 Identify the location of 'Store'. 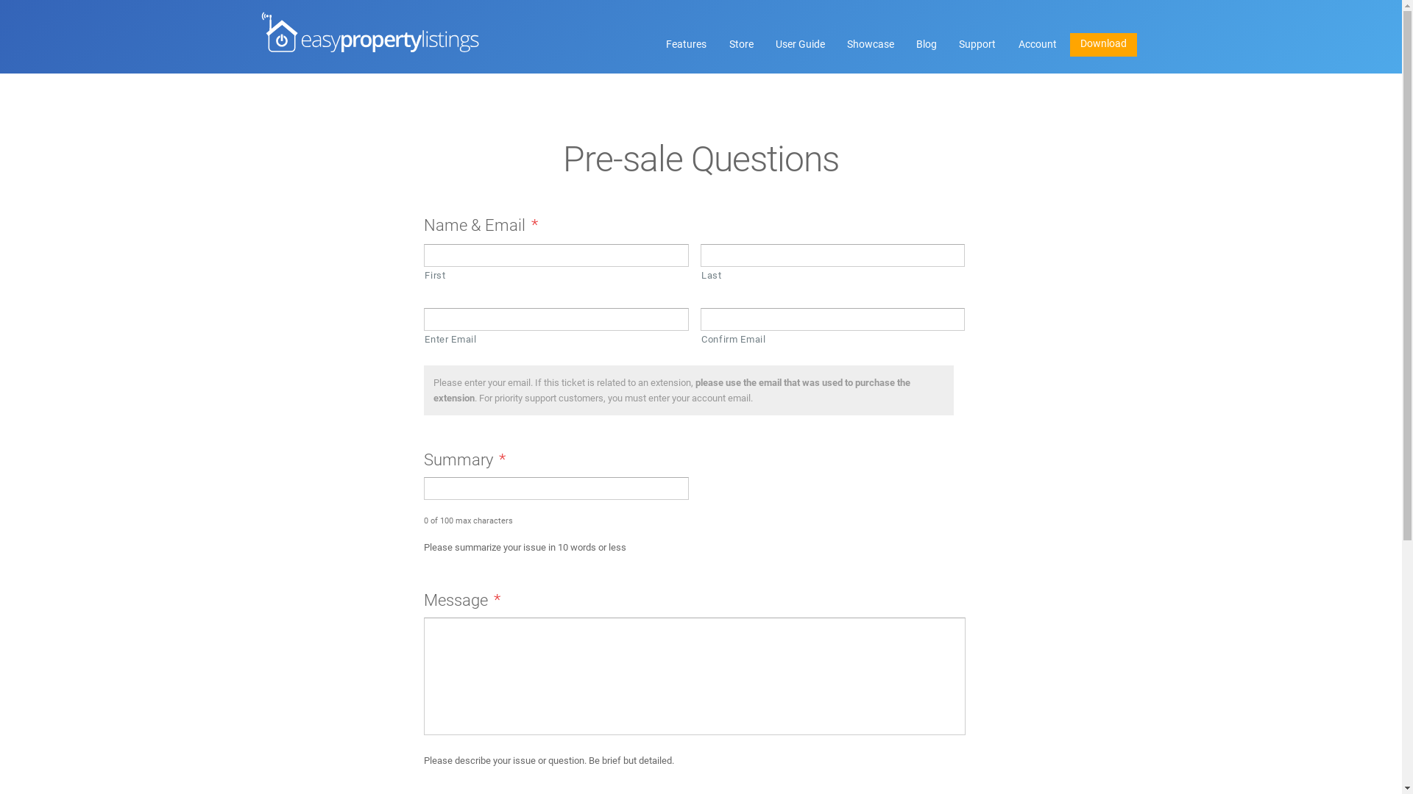
(720, 44).